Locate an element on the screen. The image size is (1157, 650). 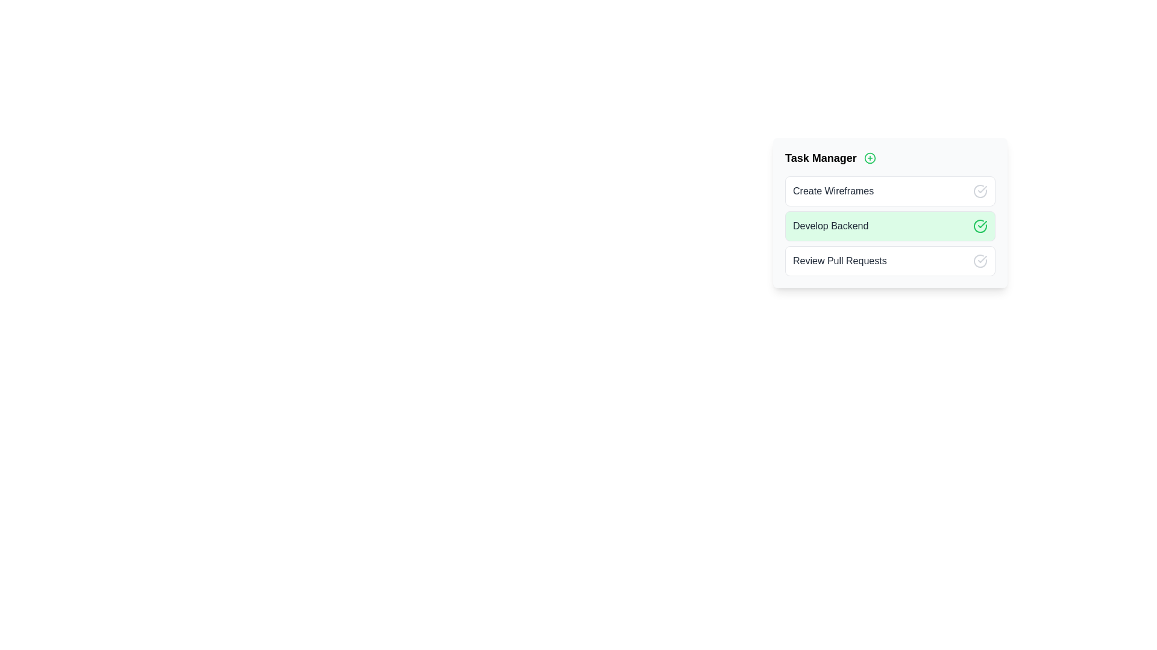
the task labeled 'Review Pull Requests' in the task management system is located at coordinates (890, 261).